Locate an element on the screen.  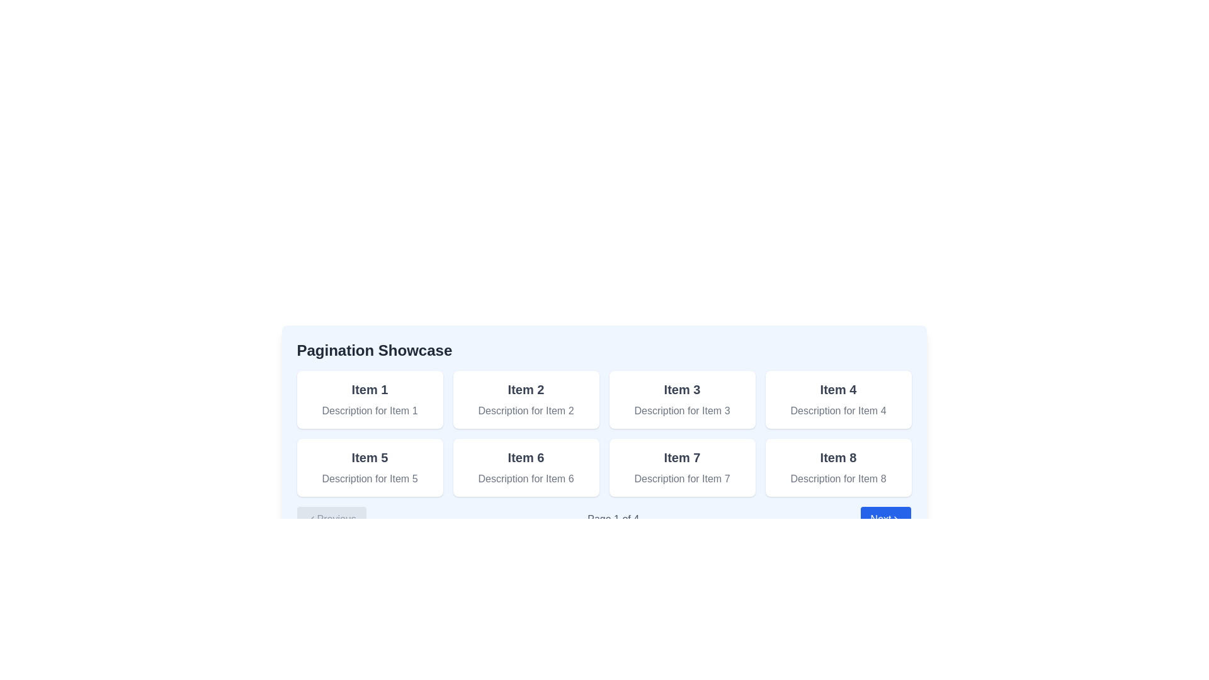
the 'Next' icon located on the right side of the blue button labeled 'Next' is located at coordinates (895, 519).